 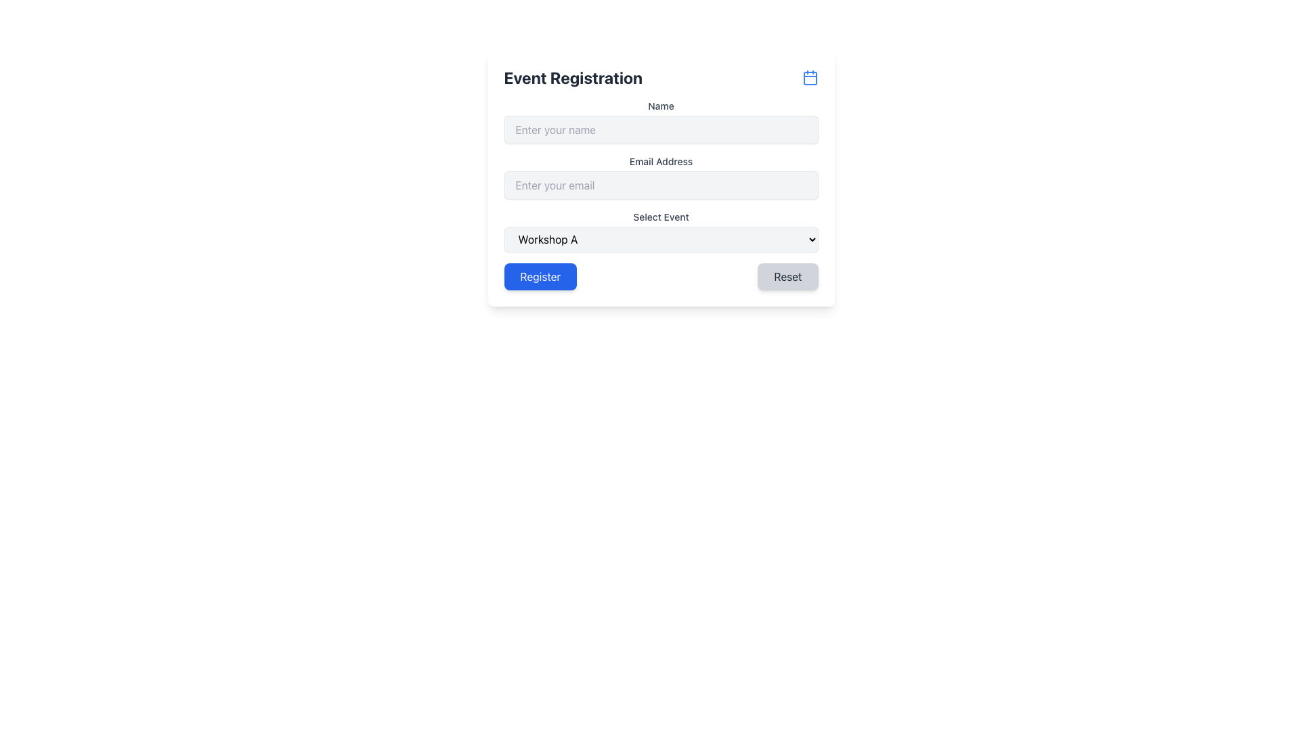 What do you see at coordinates (661, 161) in the screenshot?
I see `the email input field label located within the 'Event Registration' panel, positioned below the 'Name' field label and above the email input box` at bounding box center [661, 161].